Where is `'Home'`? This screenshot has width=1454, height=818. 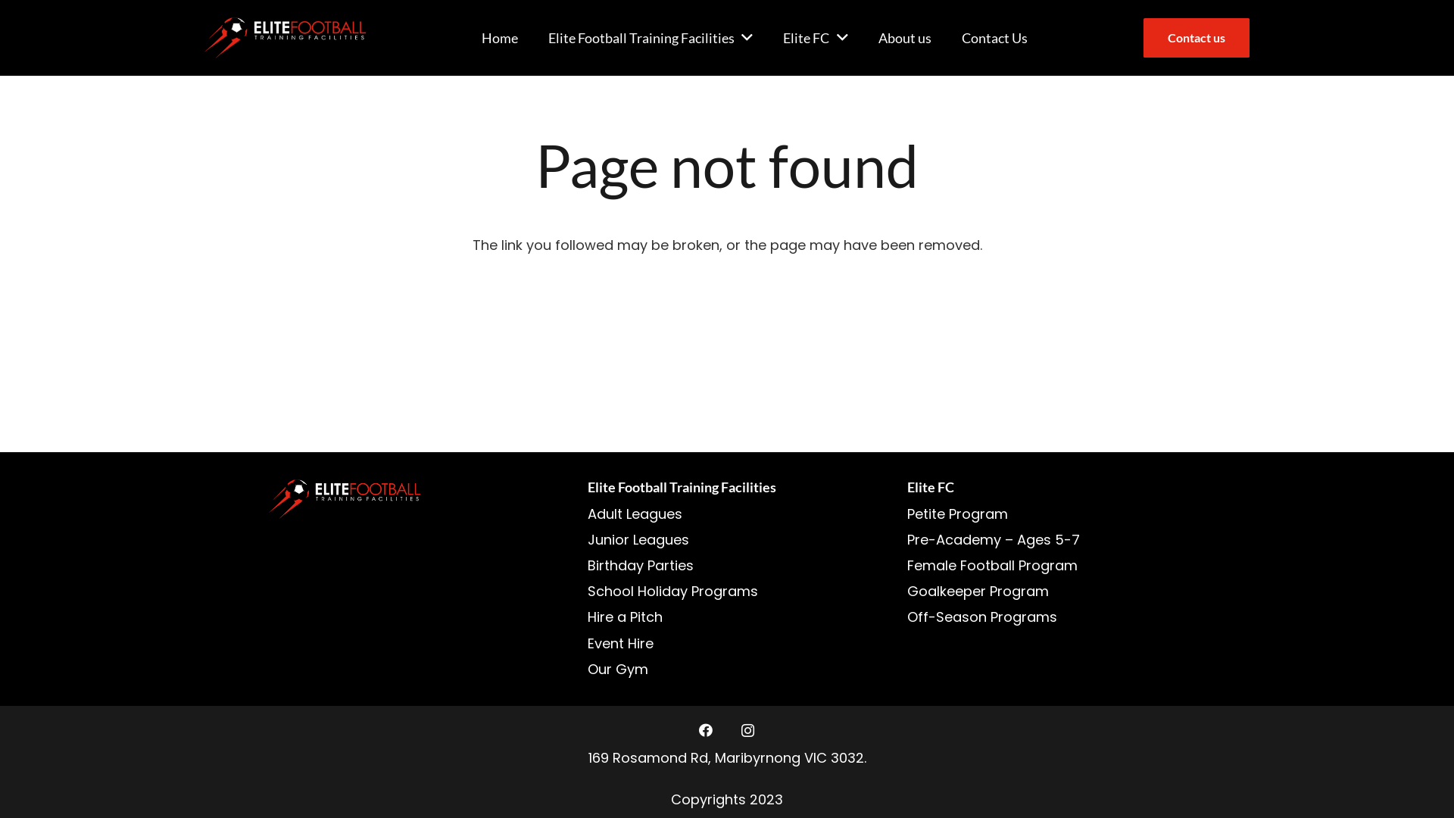
'Home' is located at coordinates (500, 37).